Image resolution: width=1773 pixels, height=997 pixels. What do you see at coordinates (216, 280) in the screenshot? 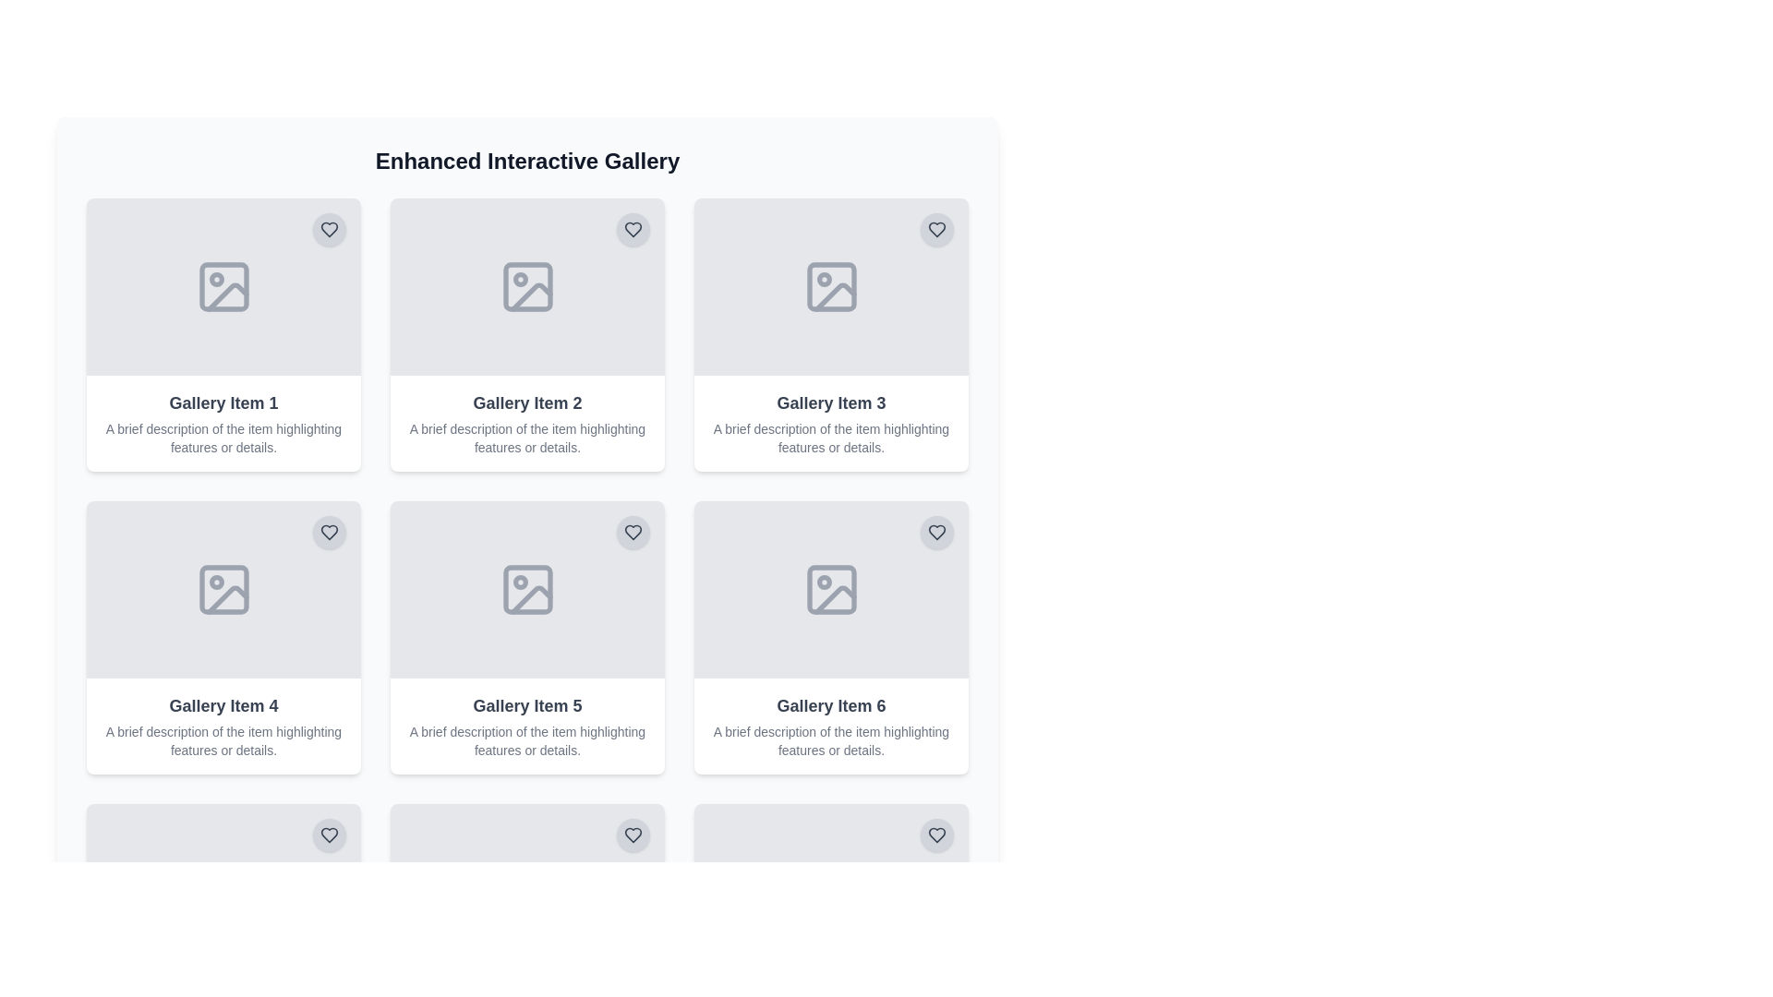
I see `the circular graphical icon located in the top-left part of the first icon in the 'Gallery Item 1' panel` at bounding box center [216, 280].